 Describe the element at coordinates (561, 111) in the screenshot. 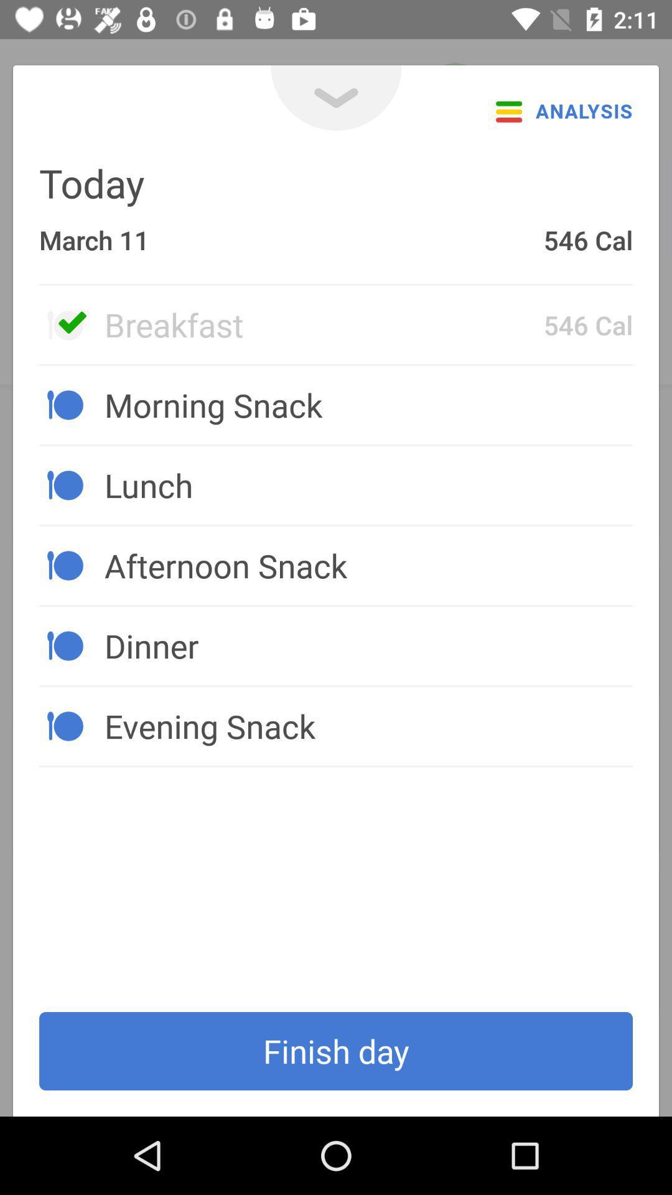

I see `analysis icon` at that location.